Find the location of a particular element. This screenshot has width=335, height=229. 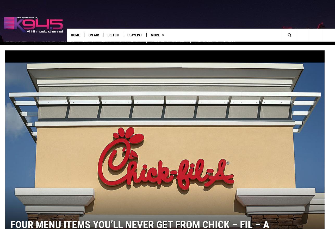

'On Air' is located at coordinates (93, 35).